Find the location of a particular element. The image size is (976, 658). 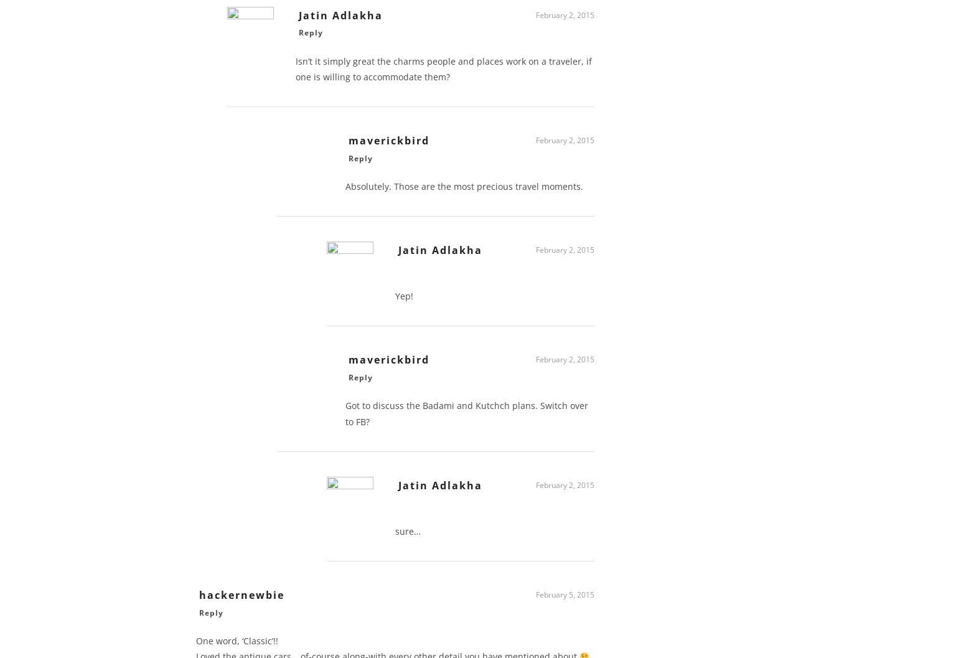

'Isn’t it simply great the charms people and places work on a traveler, if one is willing to accommodate them?' is located at coordinates (443, 72).